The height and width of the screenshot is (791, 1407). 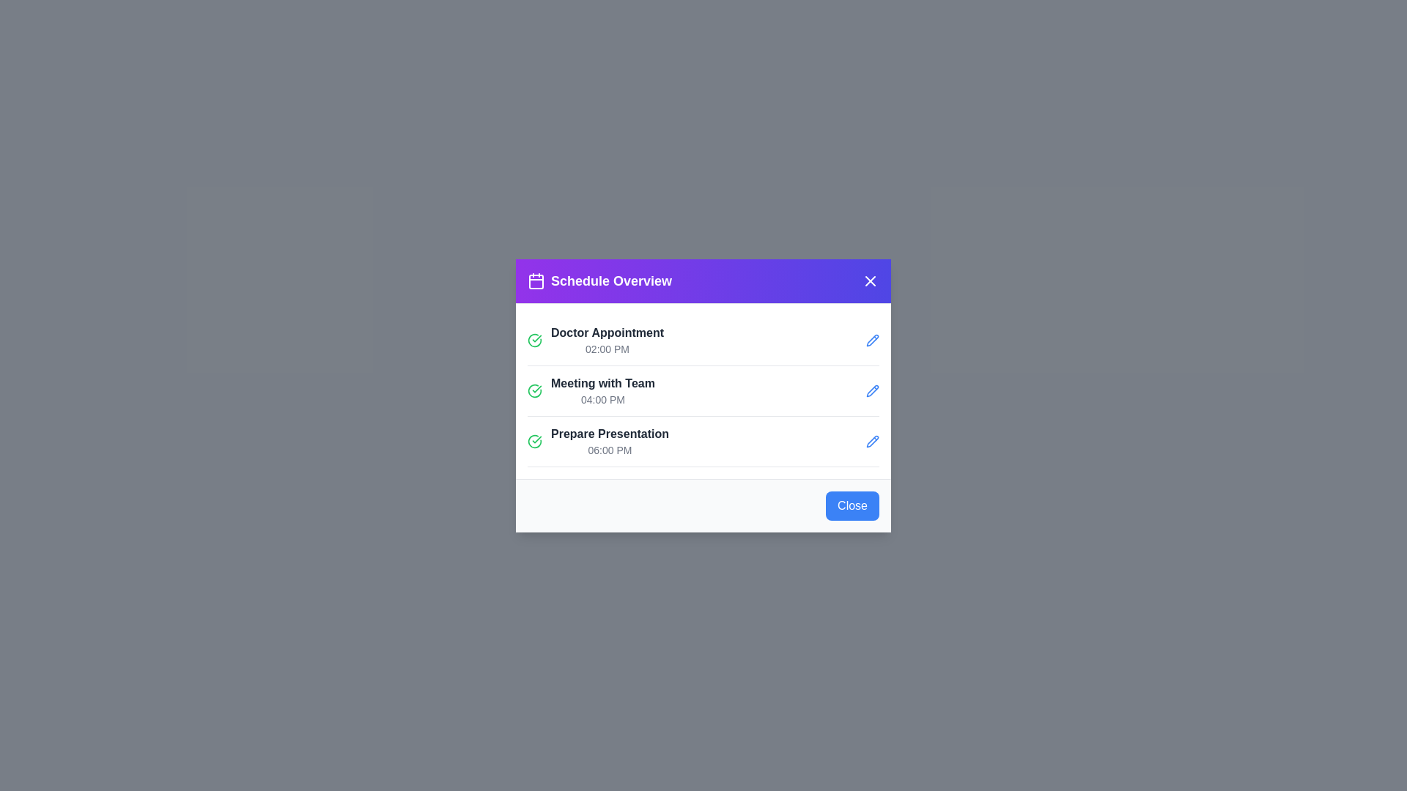 What do you see at coordinates (608, 349) in the screenshot?
I see `the text element displaying '02:00 PM', which is styled in a smaller, gray-colored font and located beneath the 'Doctor Appointment' label in the 'Schedule Overview' modal dialog box` at bounding box center [608, 349].